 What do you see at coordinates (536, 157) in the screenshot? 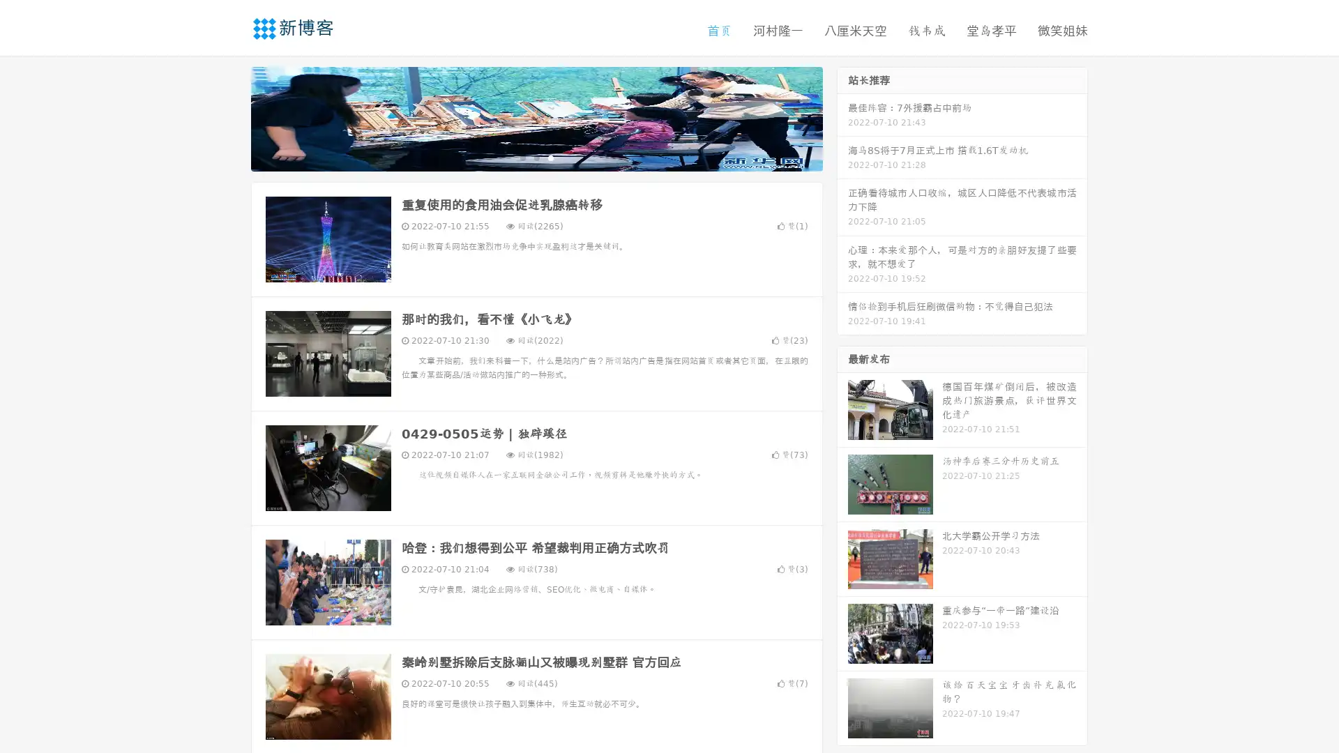
I see `Go to slide 2` at bounding box center [536, 157].